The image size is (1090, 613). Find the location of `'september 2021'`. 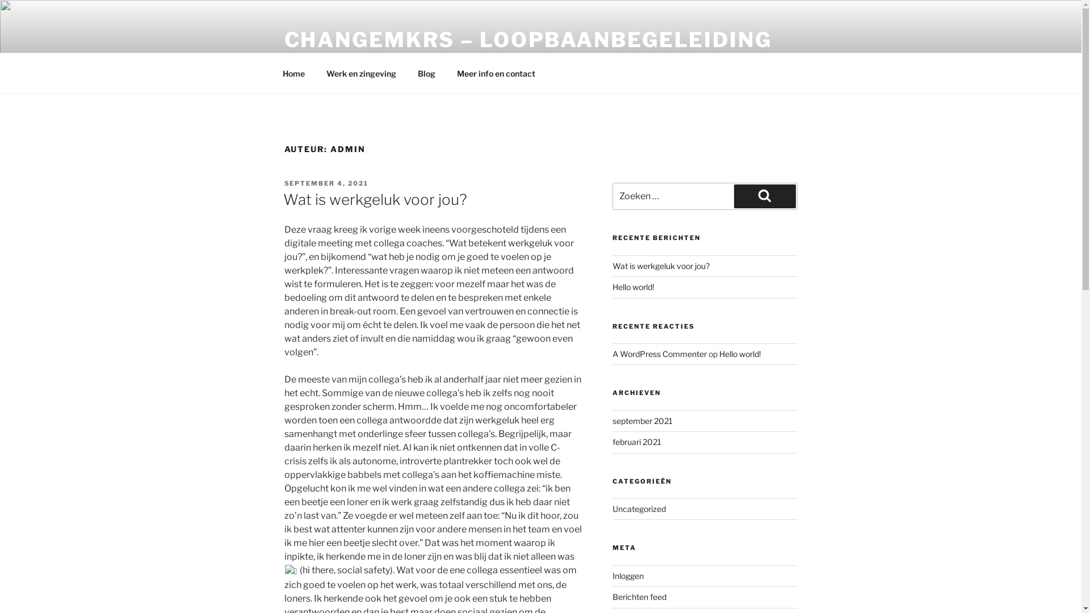

'september 2021' is located at coordinates (643, 421).